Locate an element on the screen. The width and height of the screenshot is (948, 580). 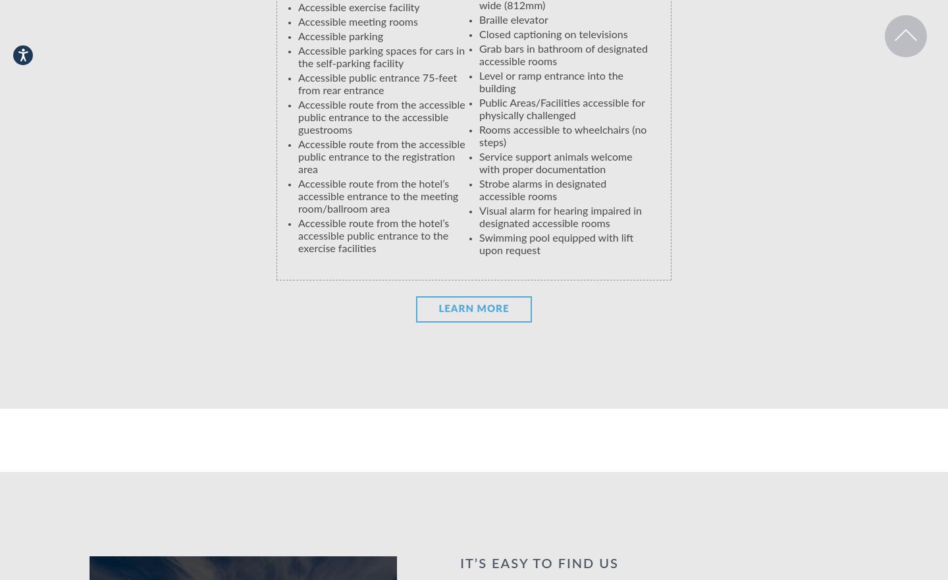
'Accessible parking spaces for cars in the self-parking facility' is located at coordinates (381, 57).